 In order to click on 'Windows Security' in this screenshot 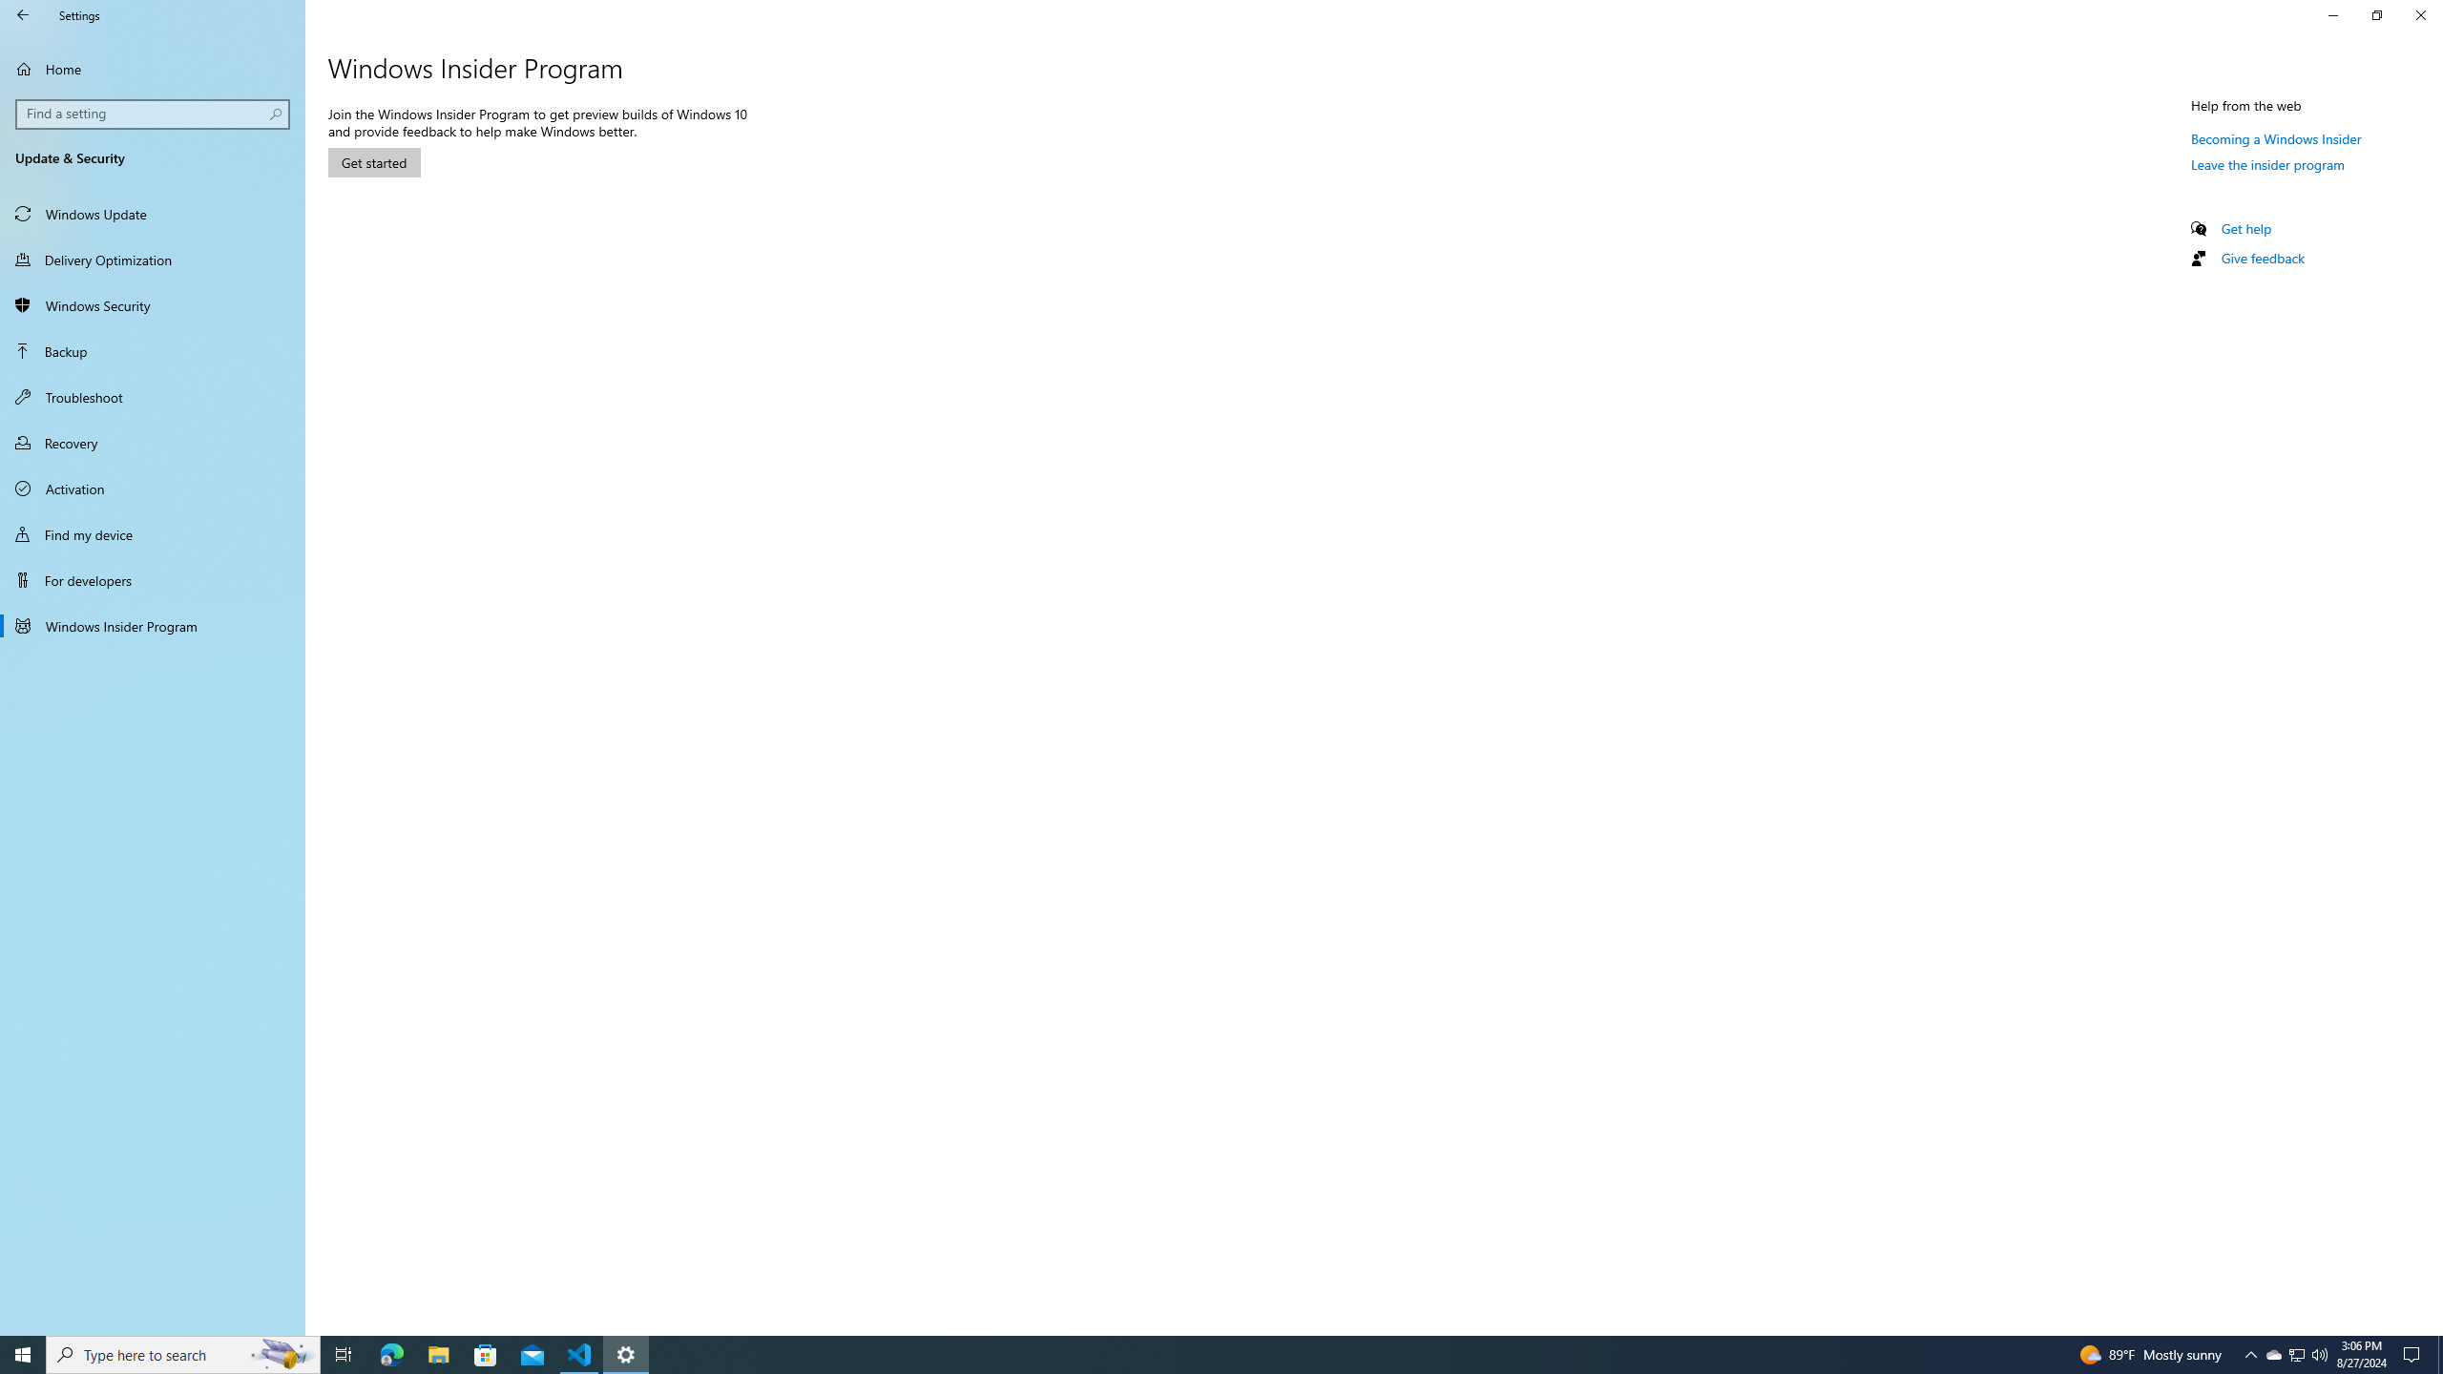, I will do `click(152, 304)`.